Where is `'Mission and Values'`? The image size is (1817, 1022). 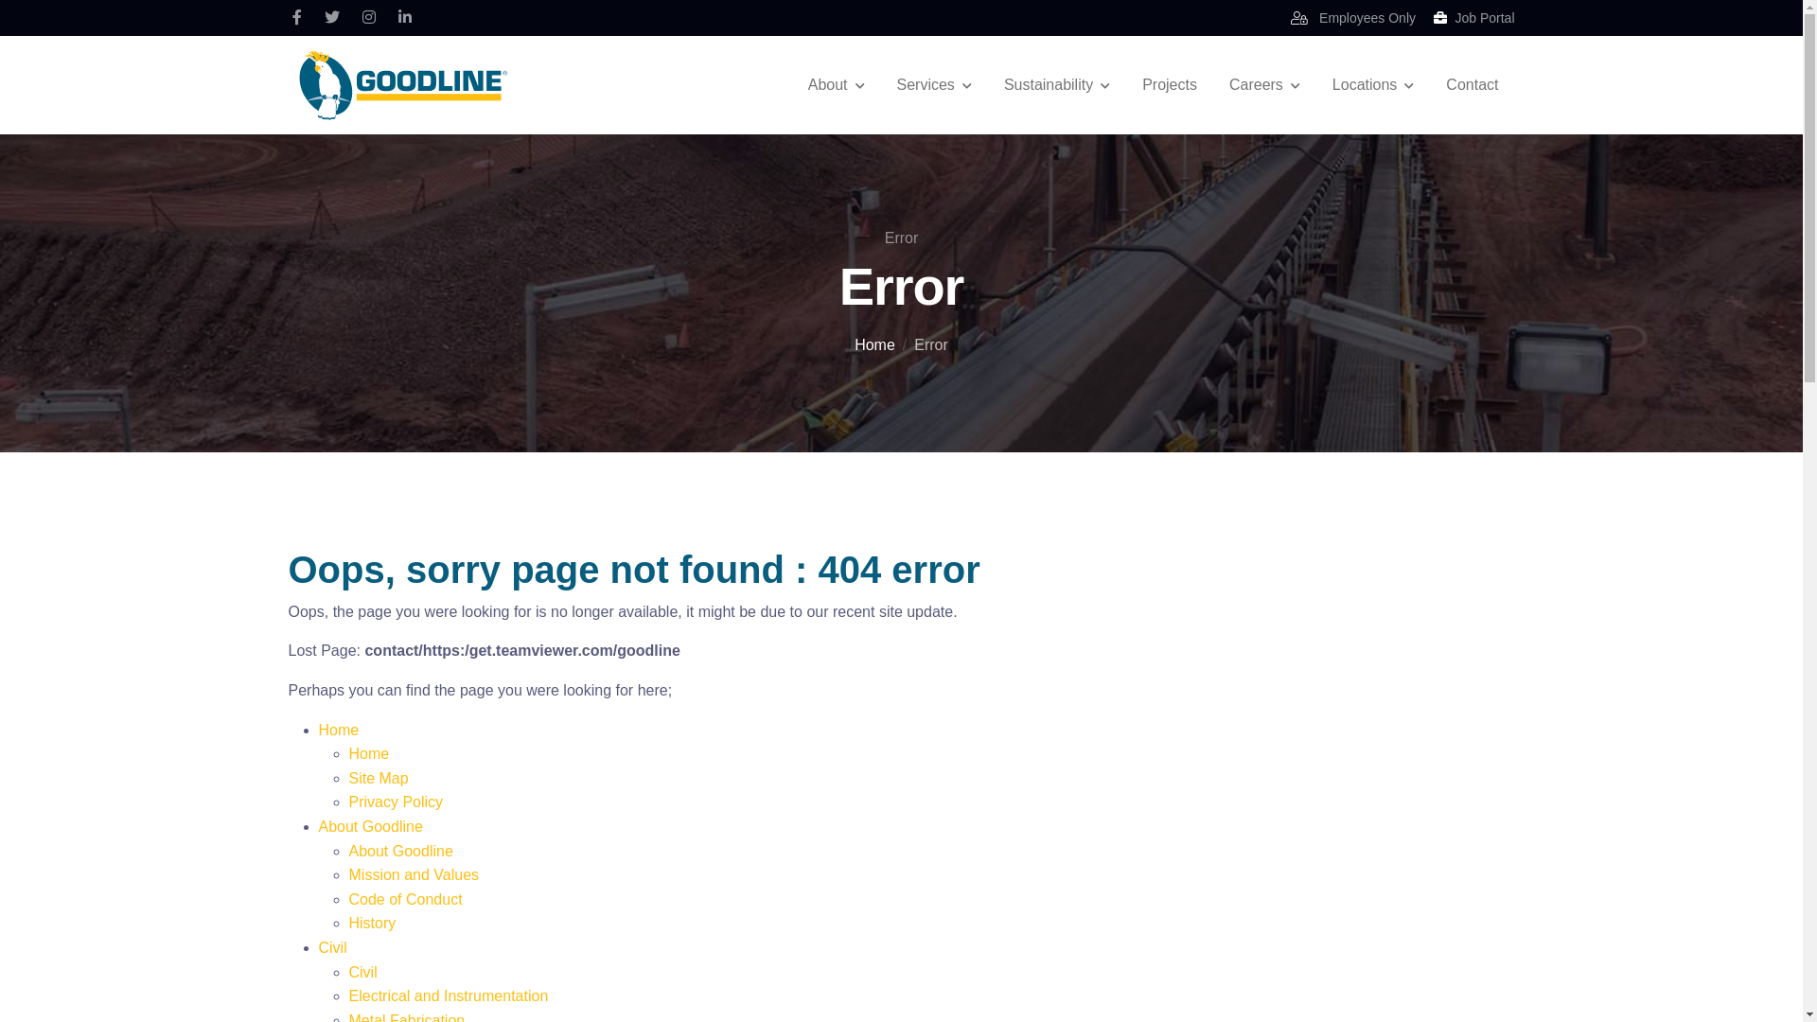
'Mission and Values' is located at coordinates (348, 874).